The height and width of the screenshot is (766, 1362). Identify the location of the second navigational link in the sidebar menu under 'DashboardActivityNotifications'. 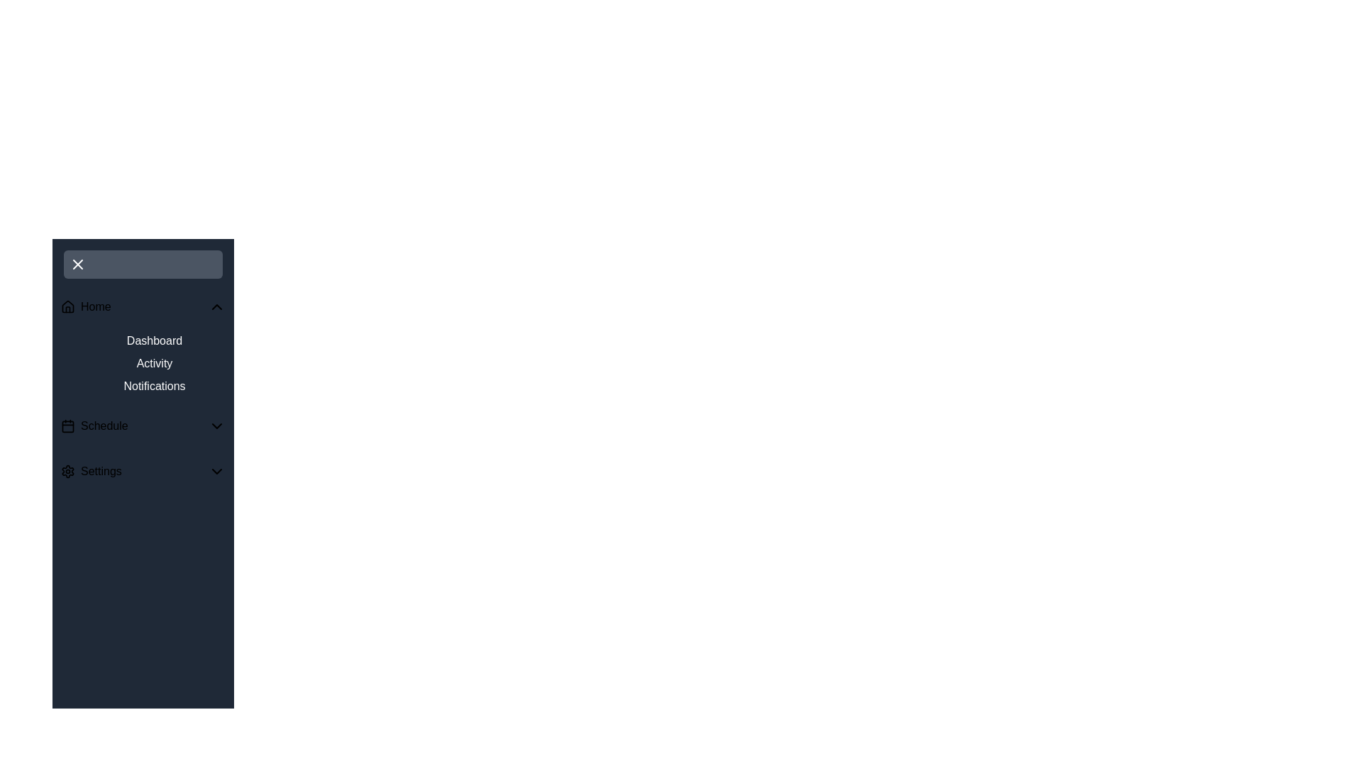
(154, 363).